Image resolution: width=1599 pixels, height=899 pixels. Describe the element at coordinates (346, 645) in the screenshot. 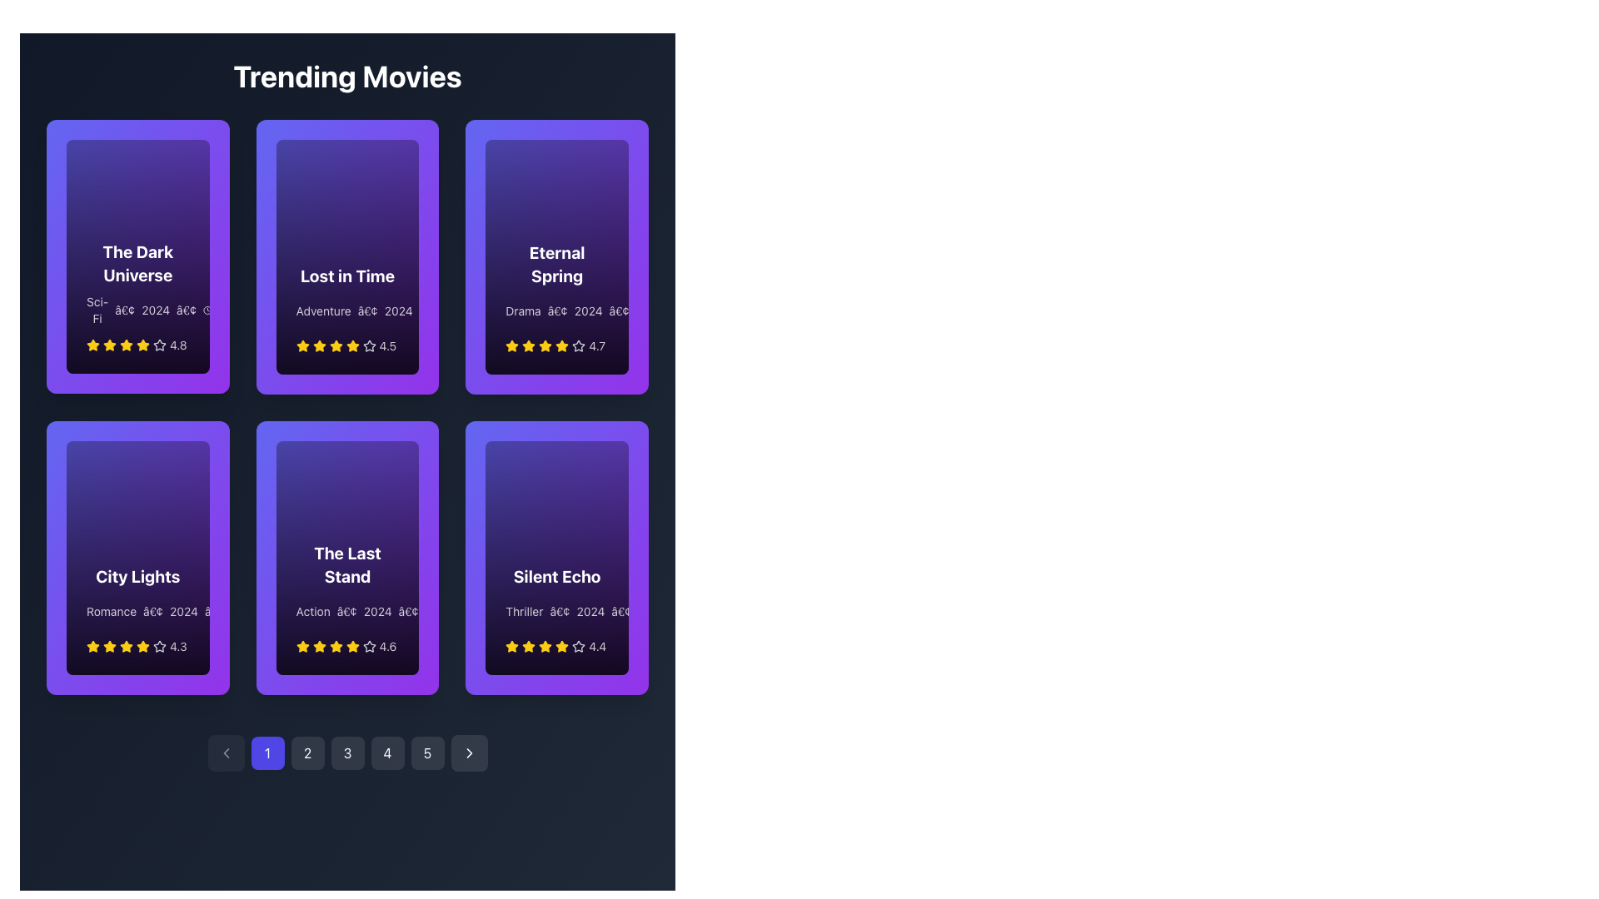

I see `the user rating display, which consists of four filled yellow stars and one outlined star, located at the bottom center of 'The Last Stand' movie card` at that location.